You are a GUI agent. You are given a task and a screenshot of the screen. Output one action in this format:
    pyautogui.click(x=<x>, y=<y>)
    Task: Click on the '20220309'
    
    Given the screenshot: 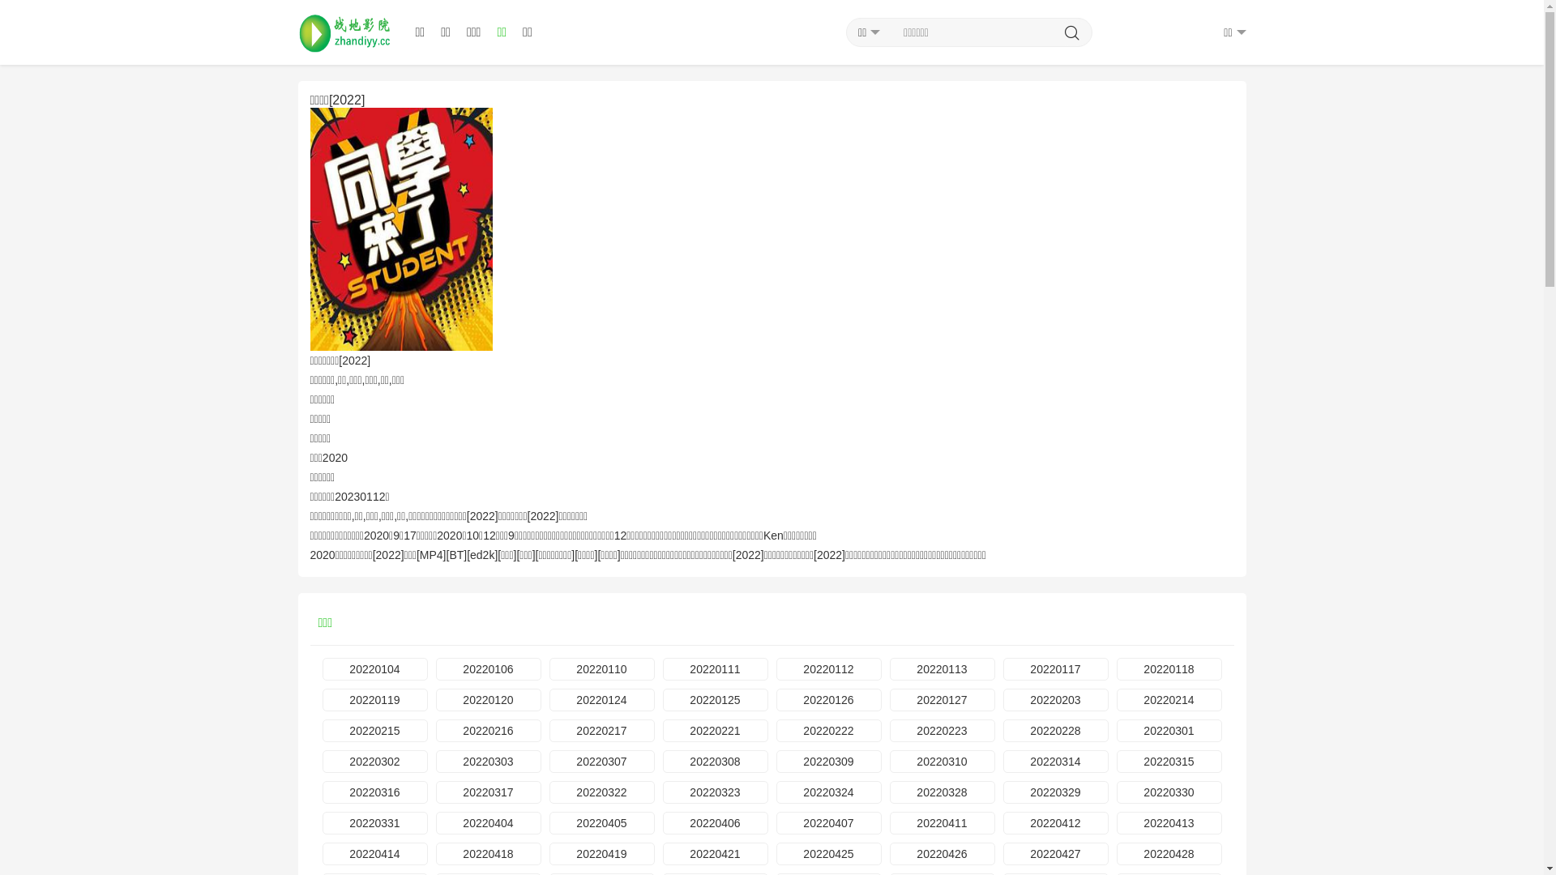 What is the action you would take?
    pyautogui.click(x=828, y=762)
    